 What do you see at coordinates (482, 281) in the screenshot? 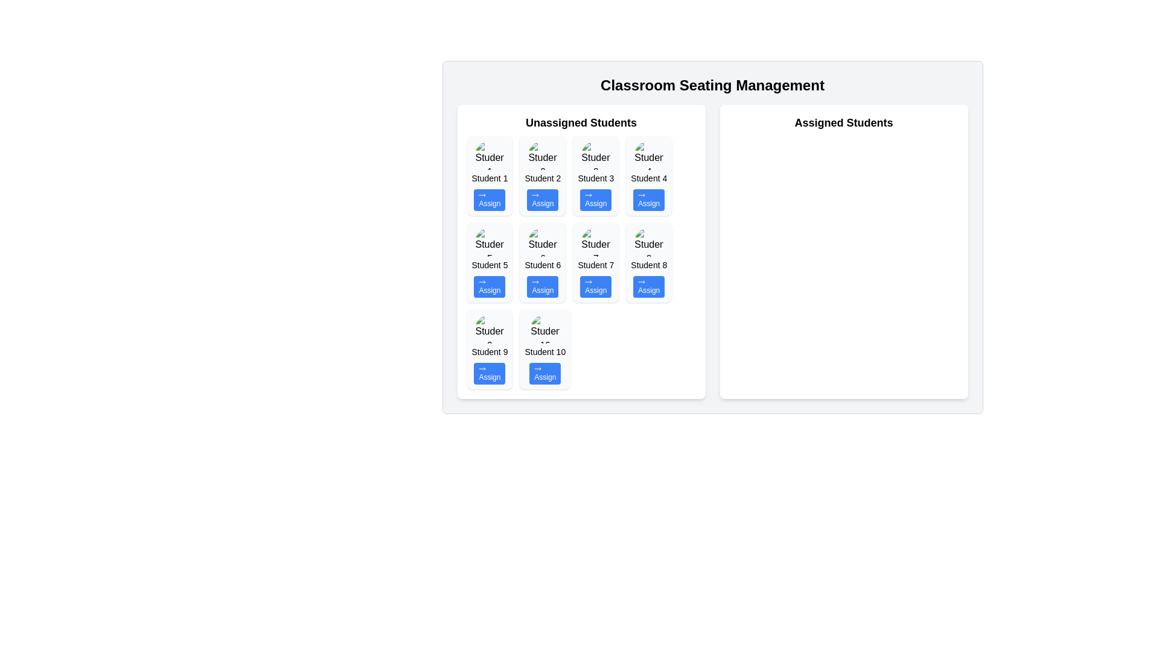
I see `the blue 'Assign' button that contains the right-pointing arrow icon, which is positioned to the left of the text 'Assign'` at bounding box center [482, 281].